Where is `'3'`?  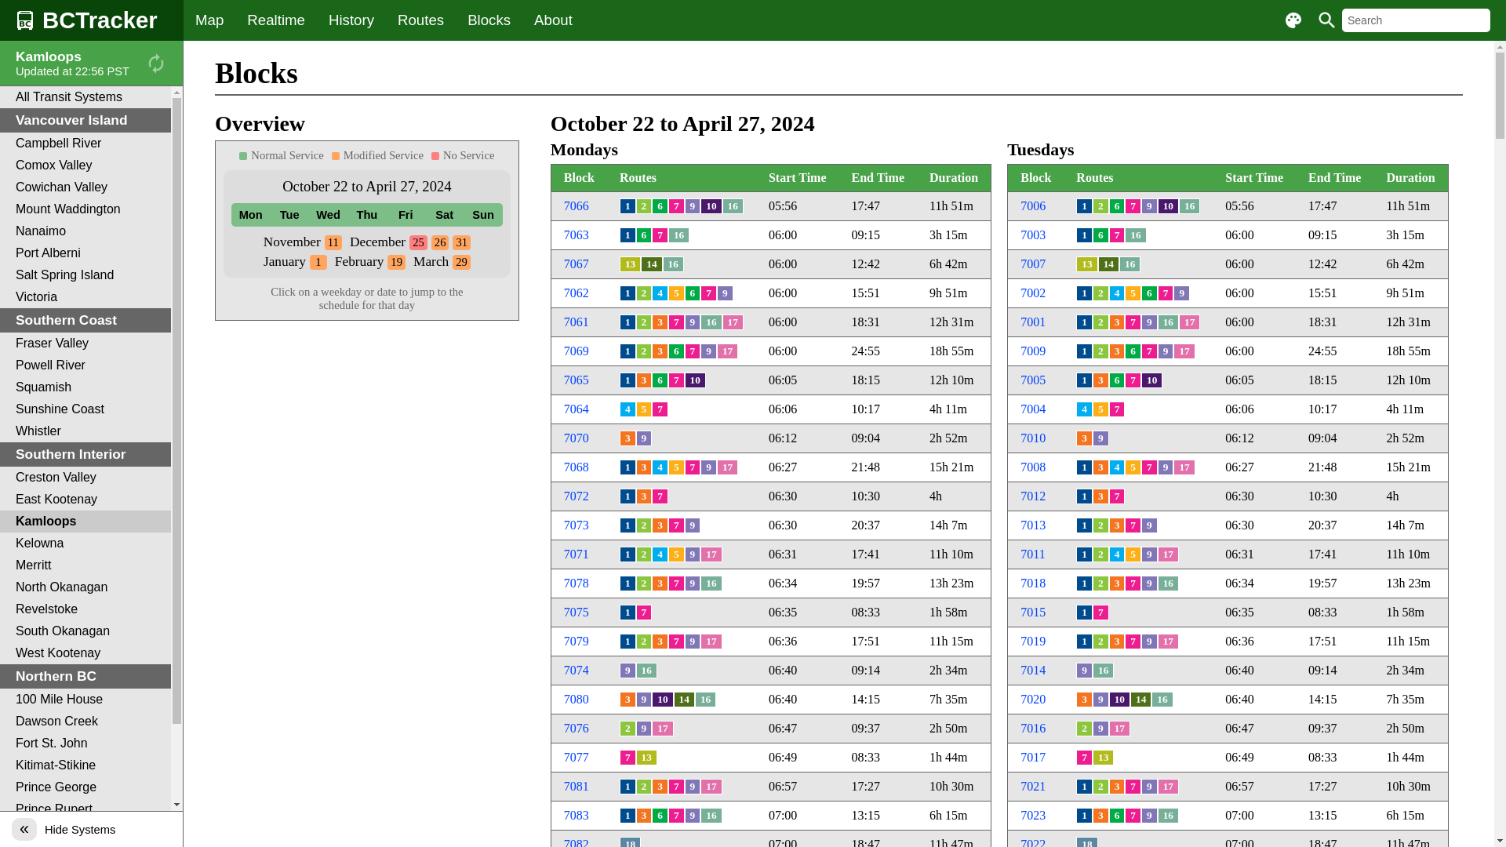
'3' is located at coordinates (627, 698).